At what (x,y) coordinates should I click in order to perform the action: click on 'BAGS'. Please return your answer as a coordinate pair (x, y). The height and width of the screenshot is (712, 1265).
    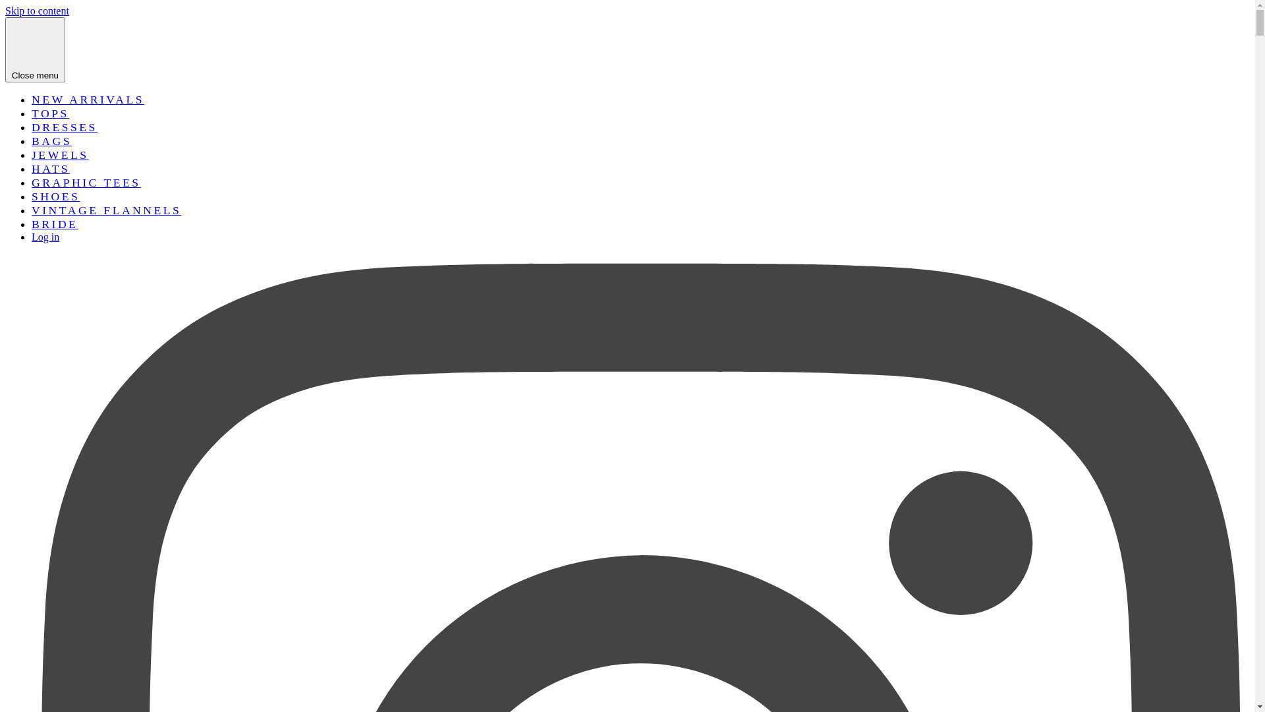
    Looking at the image, I should click on (32, 140).